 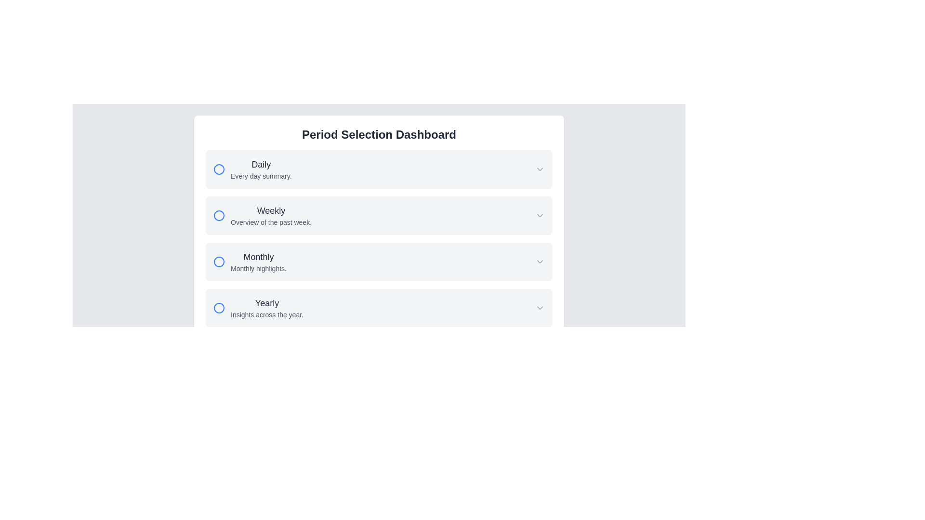 What do you see at coordinates (267, 315) in the screenshot?
I see `the text label that provides additional information for the 'Yearly' selection option, located at the bottom of the 'Period Selection Dashboard' list` at bounding box center [267, 315].